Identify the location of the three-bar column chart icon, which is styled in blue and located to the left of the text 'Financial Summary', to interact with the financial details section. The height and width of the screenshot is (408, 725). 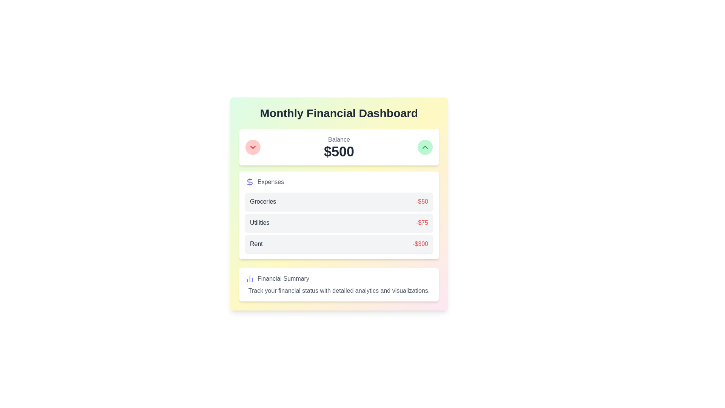
(250, 278).